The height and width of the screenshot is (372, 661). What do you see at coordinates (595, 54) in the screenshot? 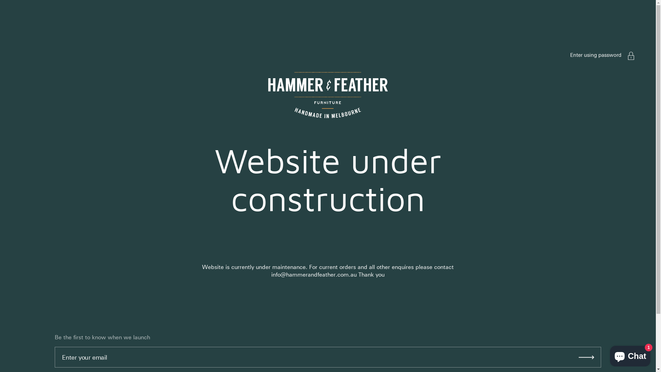
I see `'Enter using password'` at bounding box center [595, 54].